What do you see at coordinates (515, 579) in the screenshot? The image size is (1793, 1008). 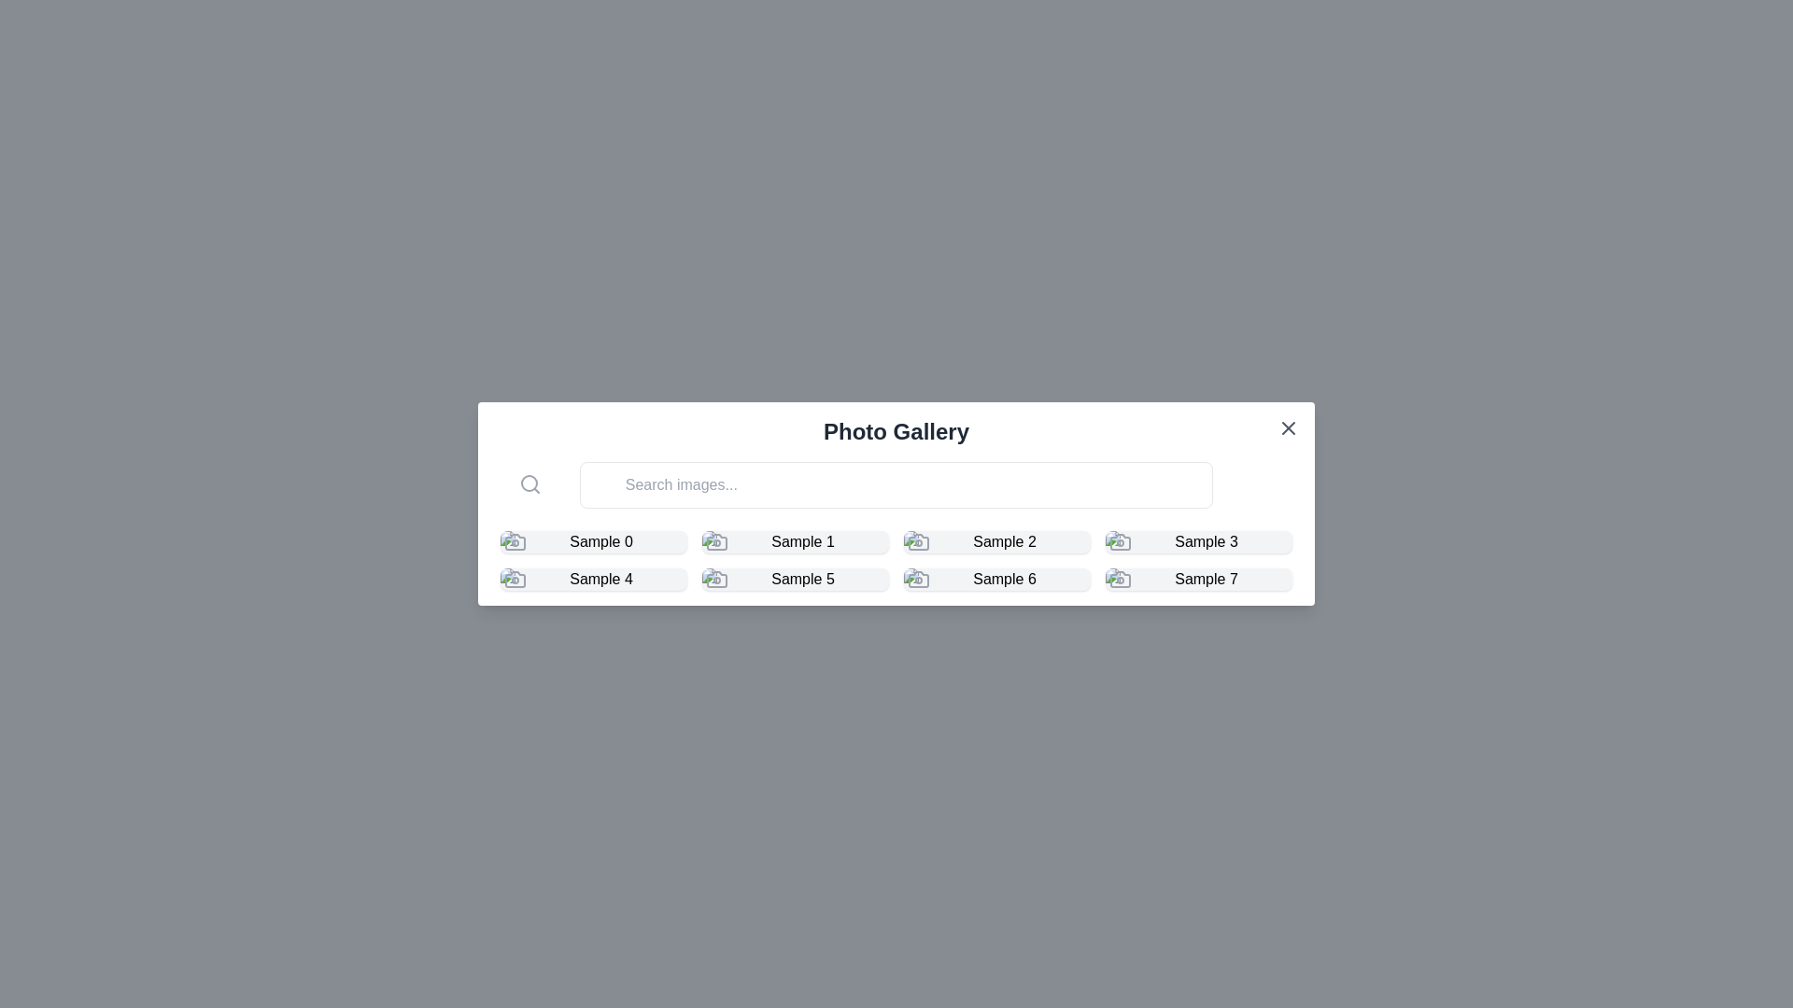 I see `the icon located in the second row associated with 'Sample 4', which represents an image or photo-related functionality` at bounding box center [515, 579].